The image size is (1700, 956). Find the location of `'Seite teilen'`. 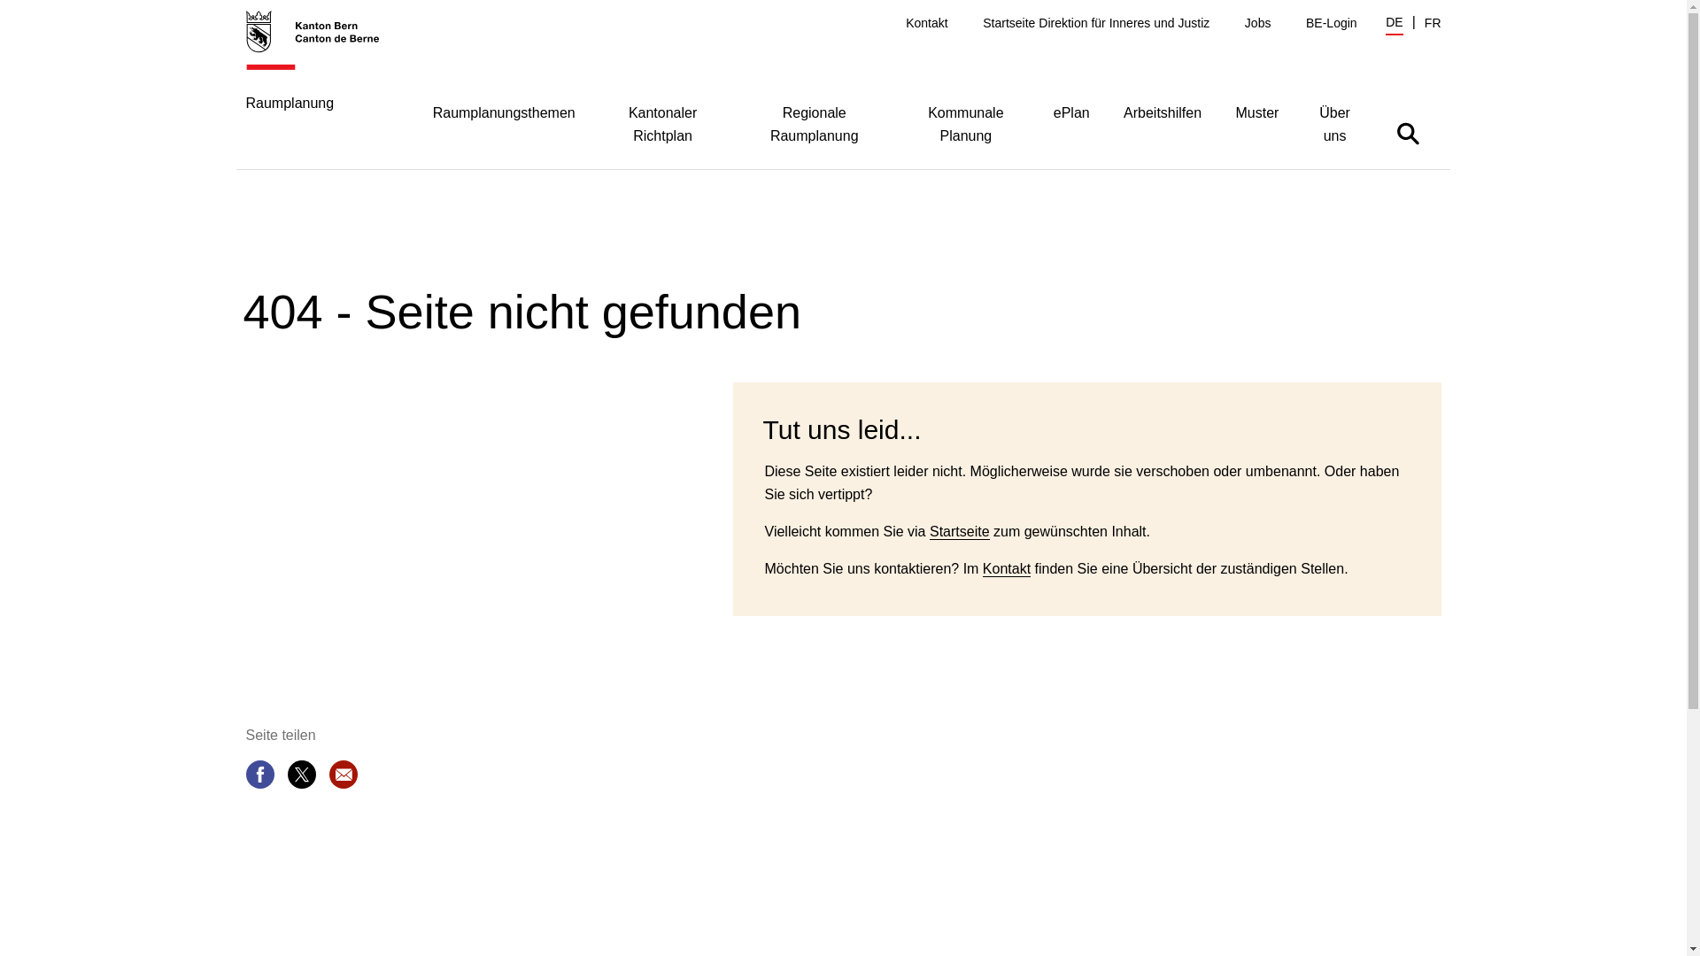

'Seite teilen' is located at coordinates (259, 777).